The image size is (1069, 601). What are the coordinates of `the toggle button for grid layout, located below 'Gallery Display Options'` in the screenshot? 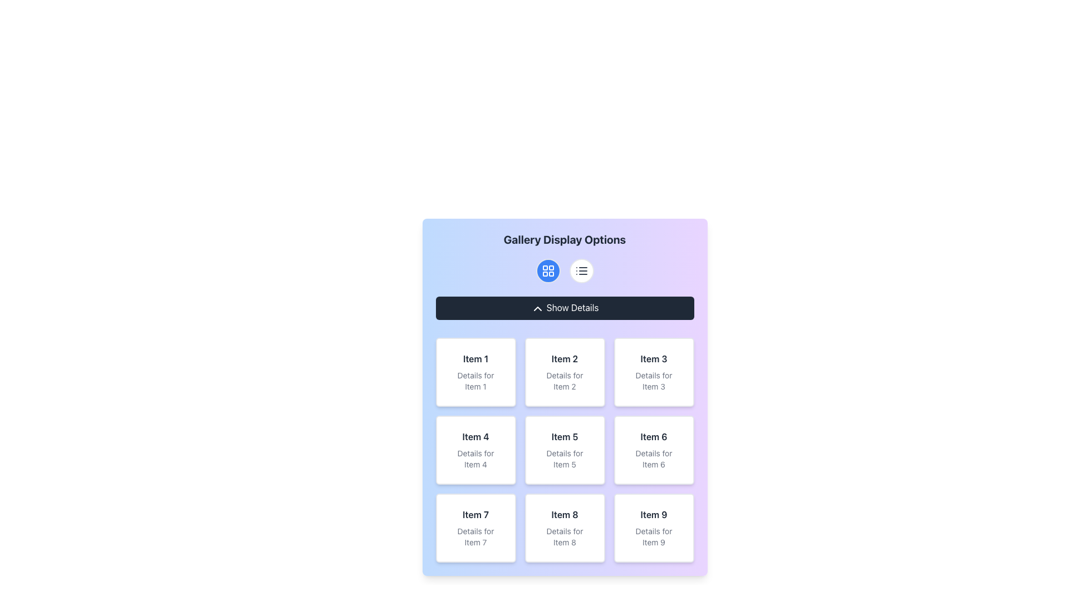 It's located at (548, 270).